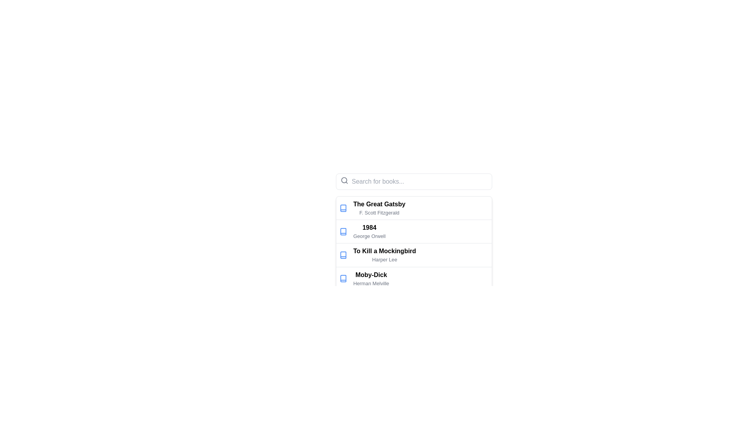 The width and height of the screenshot is (750, 422). What do you see at coordinates (379, 213) in the screenshot?
I see `the text label displaying 'F. Scott Fitzgerald' which is located directly beneath the title 'The Great Gatsby' in a vertical listing of books and authors` at bounding box center [379, 213].